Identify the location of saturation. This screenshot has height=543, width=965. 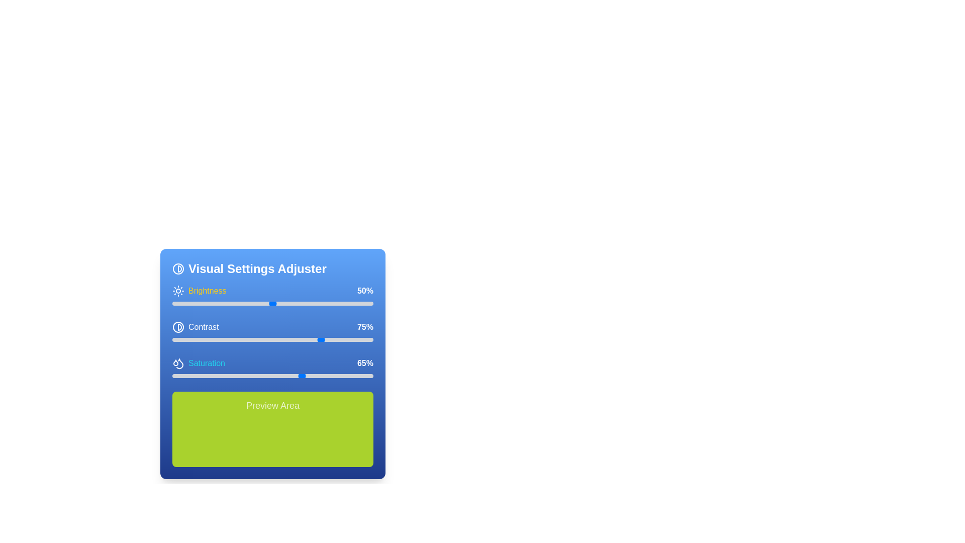
(208, 376).